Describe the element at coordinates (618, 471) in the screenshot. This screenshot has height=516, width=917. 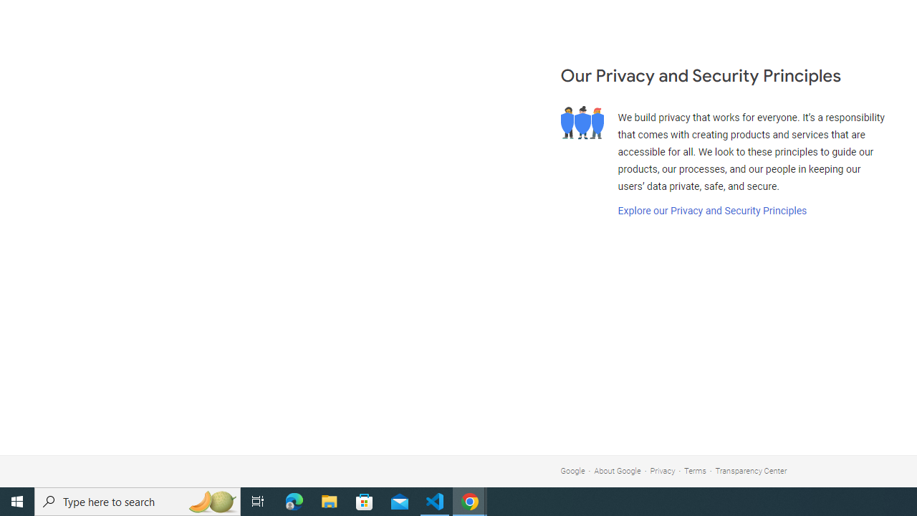
I see `'About Google'` at that location.